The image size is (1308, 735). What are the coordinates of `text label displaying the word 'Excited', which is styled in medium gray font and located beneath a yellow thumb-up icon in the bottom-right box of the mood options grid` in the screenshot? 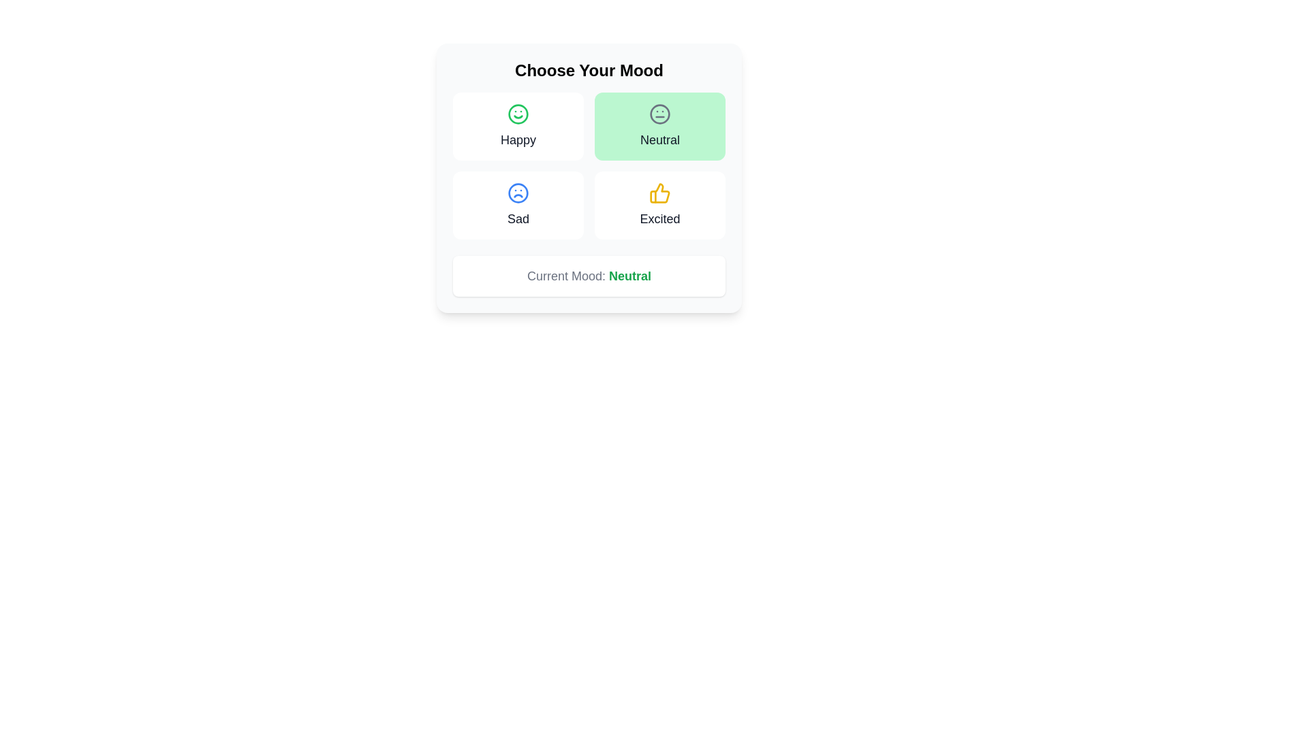 It's located at (660, 218).